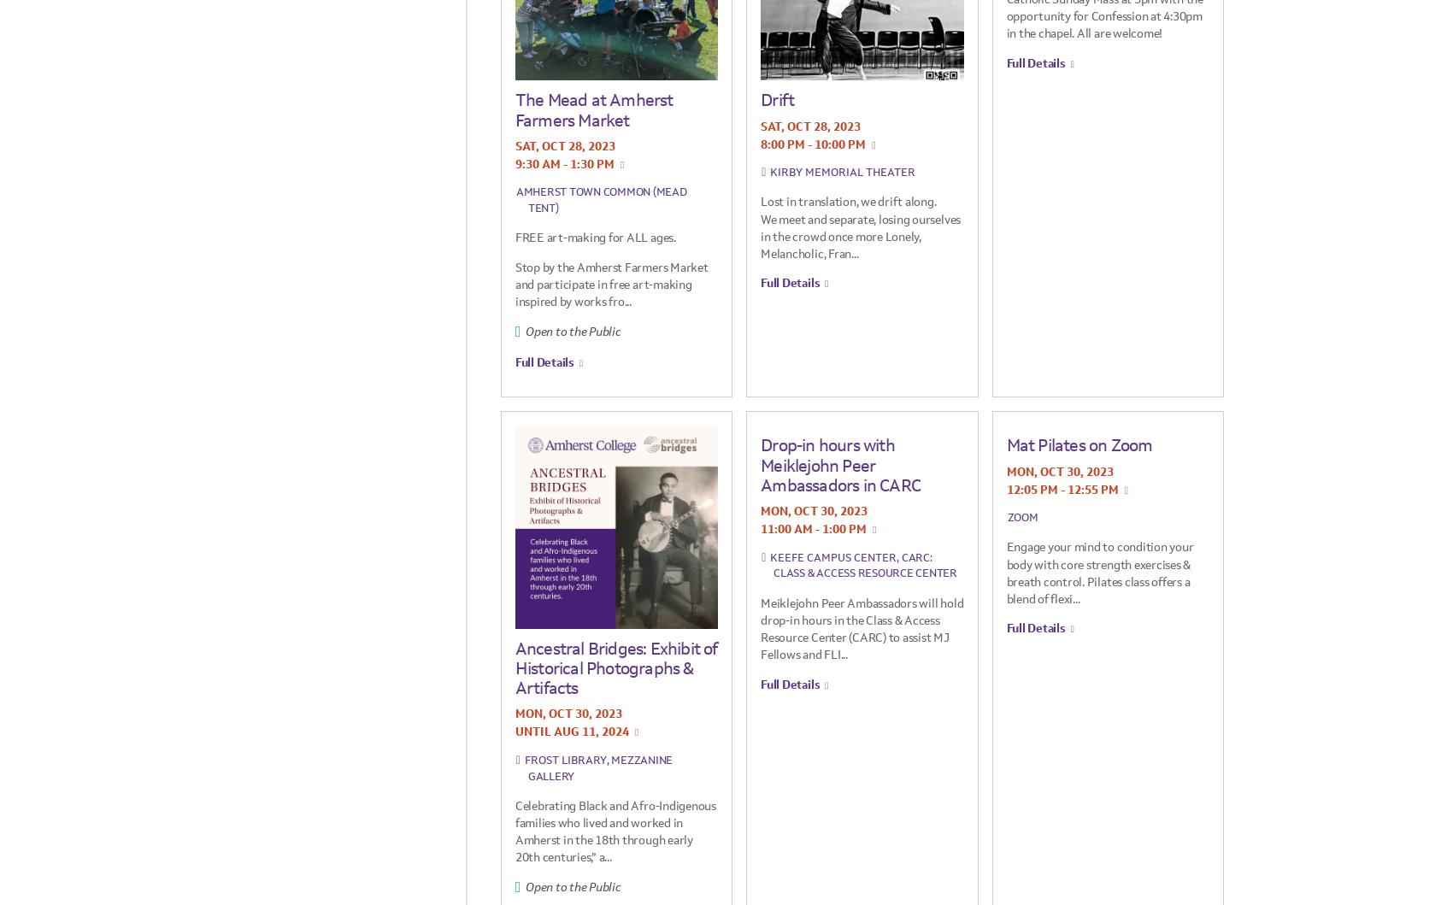 The height and width of the screenshot is (905, 1453). I want to click on 'Keefe Campus Center', so click(770, 556).